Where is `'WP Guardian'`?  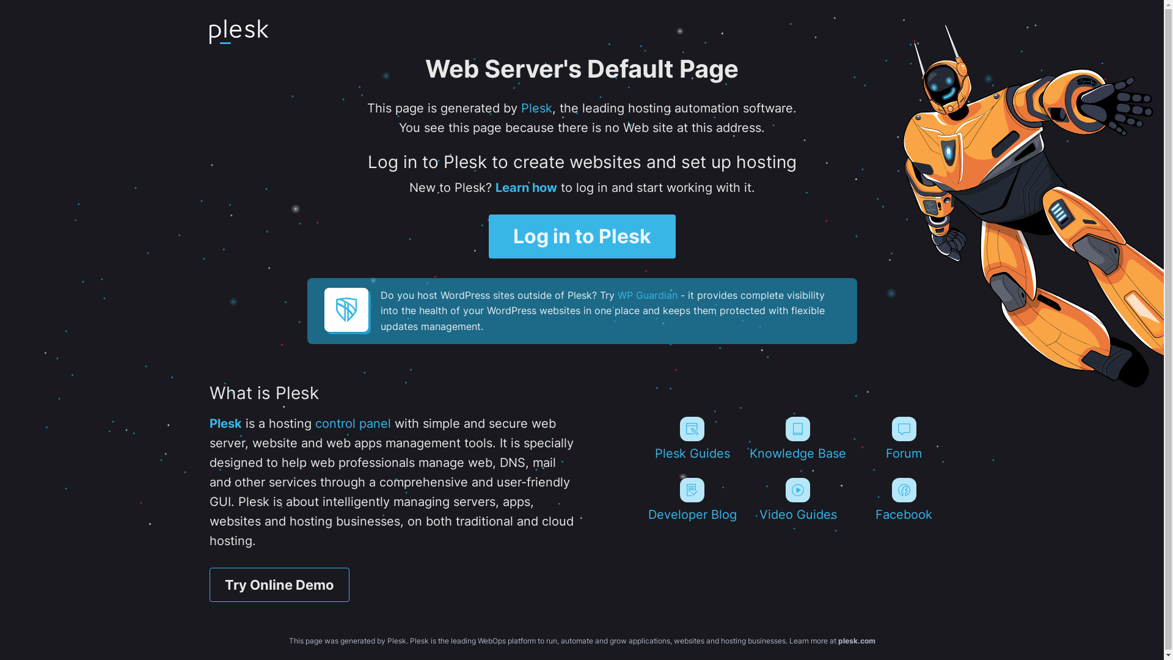
'WP Guardian' is located at coordinates (616, 295).